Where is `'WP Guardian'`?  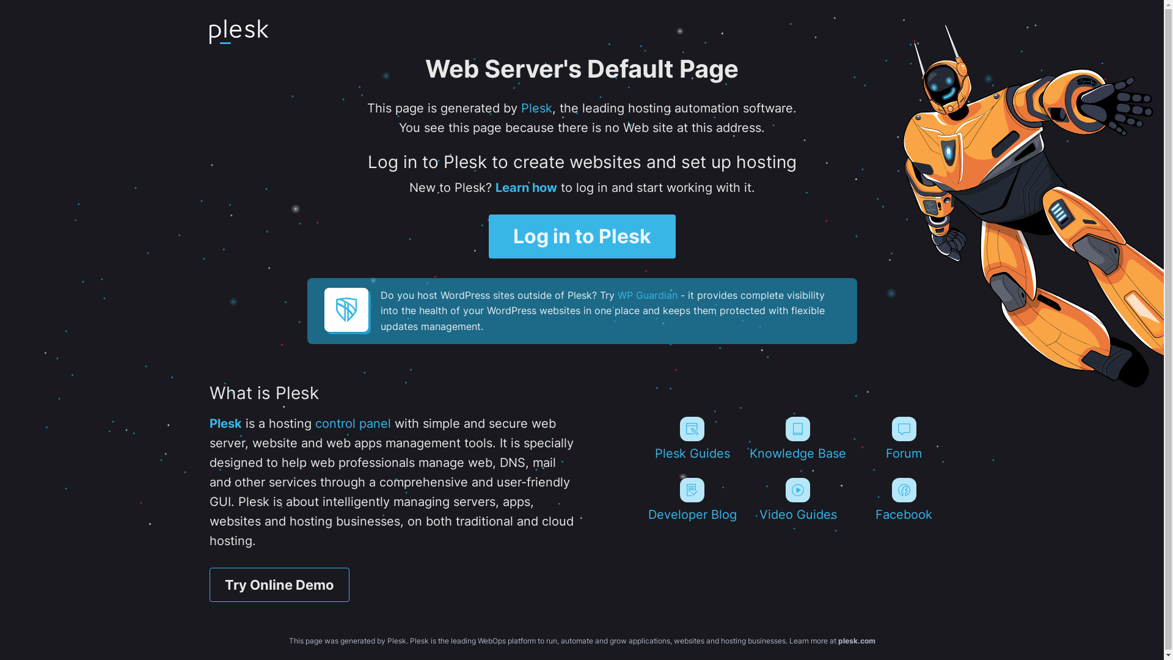
'WP Guardian' is located at coordinates (616, 295).